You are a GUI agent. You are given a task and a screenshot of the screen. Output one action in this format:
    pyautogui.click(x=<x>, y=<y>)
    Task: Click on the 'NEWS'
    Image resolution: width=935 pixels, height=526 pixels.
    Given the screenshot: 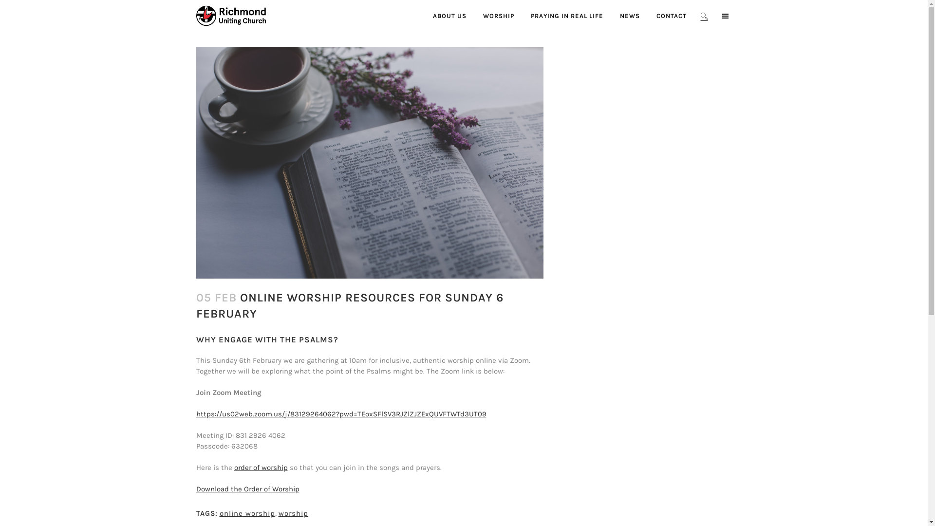 What is the action you would take?
    pyautogui.click(x=630, y=16)
    